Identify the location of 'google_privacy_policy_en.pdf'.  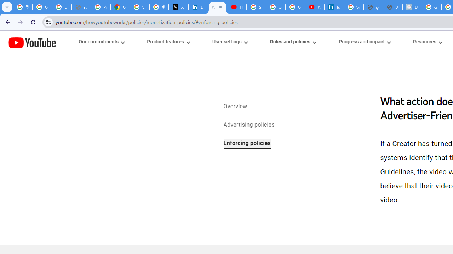
(373, 7).